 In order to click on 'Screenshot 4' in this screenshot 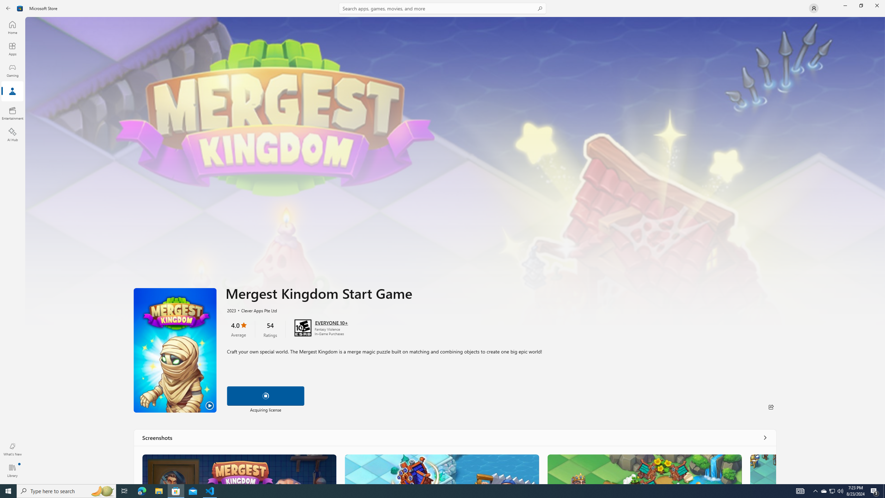, I will do `click(762, 469)`.